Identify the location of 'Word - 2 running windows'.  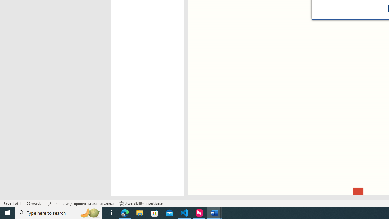
(214, 212).